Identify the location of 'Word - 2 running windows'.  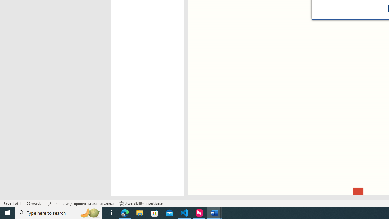
(214, 212).